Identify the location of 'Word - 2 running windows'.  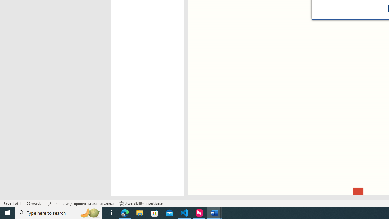
(214, 212).